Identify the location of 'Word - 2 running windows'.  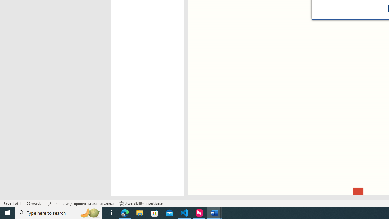
(214, 212).